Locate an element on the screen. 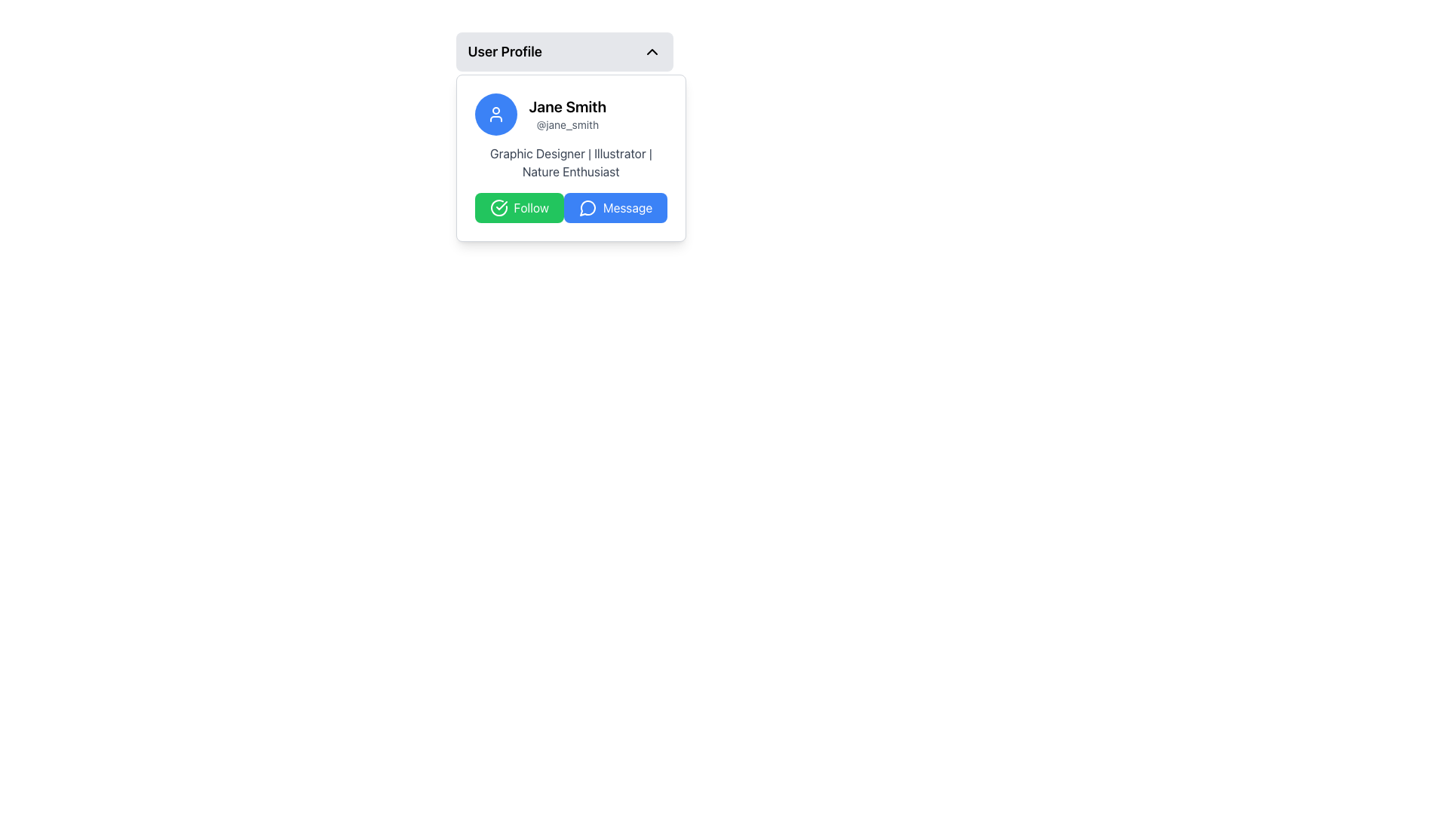 Image resolution: width=1448 pixels, height=814 pixels. user's name displayed above the username '@jane_smith', which is centered in the card layout is located at coordinates (566, 106).